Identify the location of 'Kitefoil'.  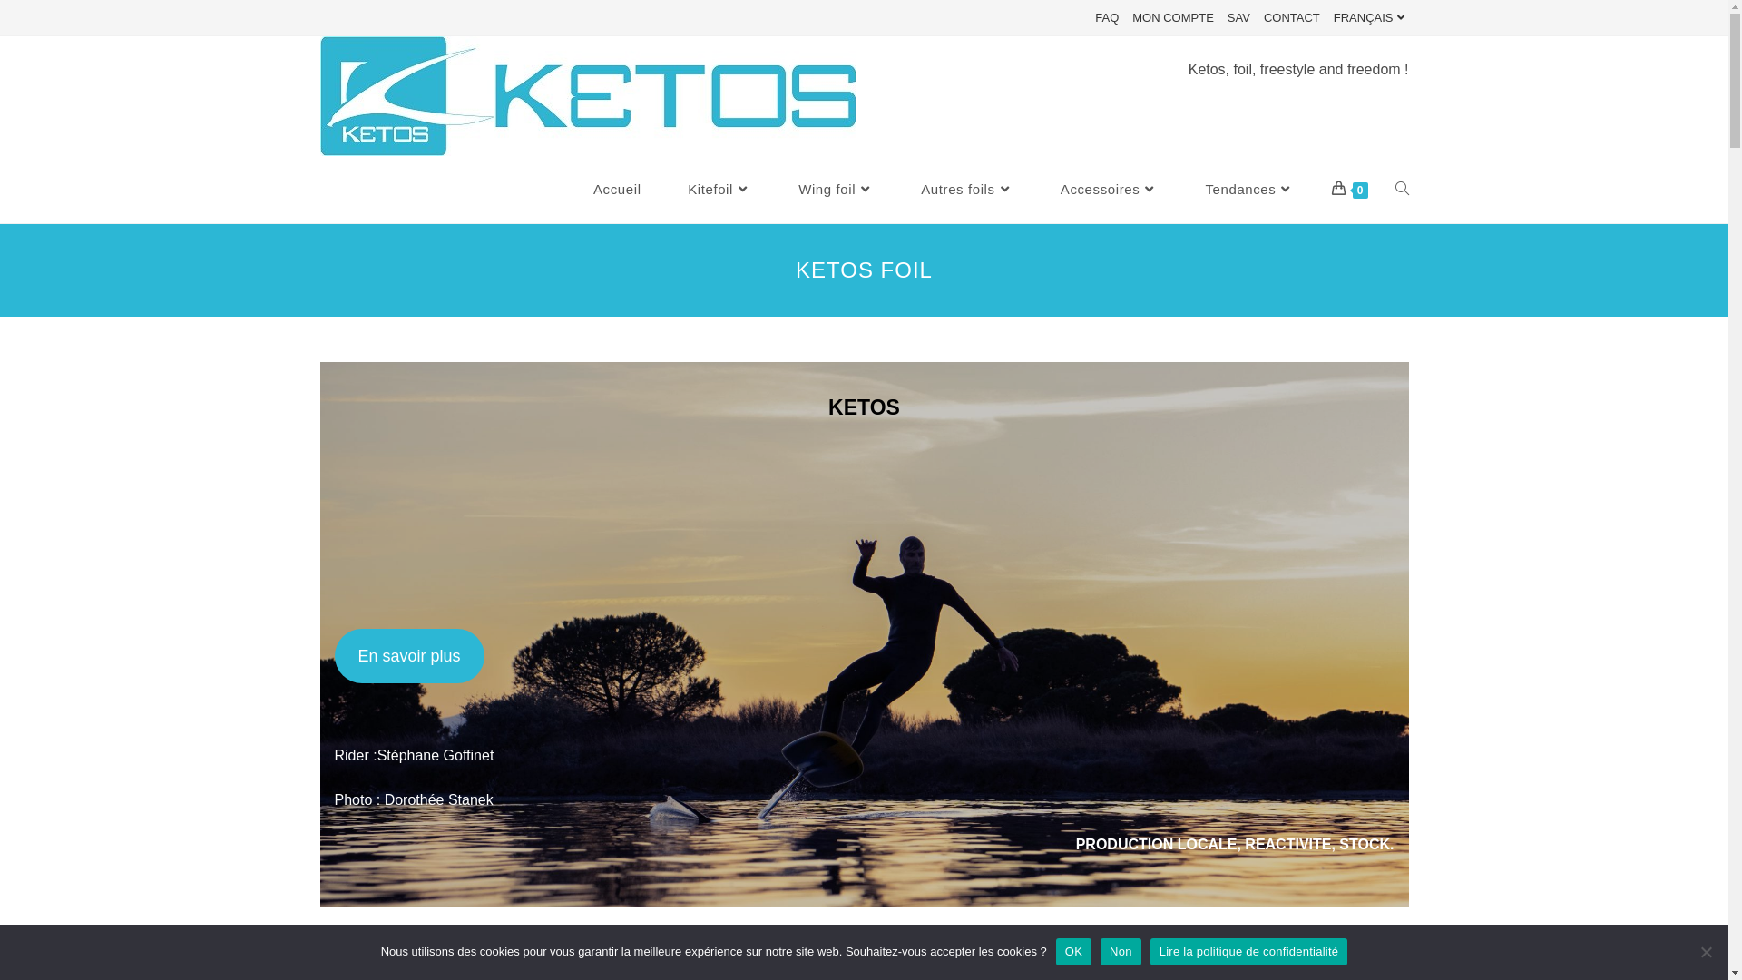
(718, 189).